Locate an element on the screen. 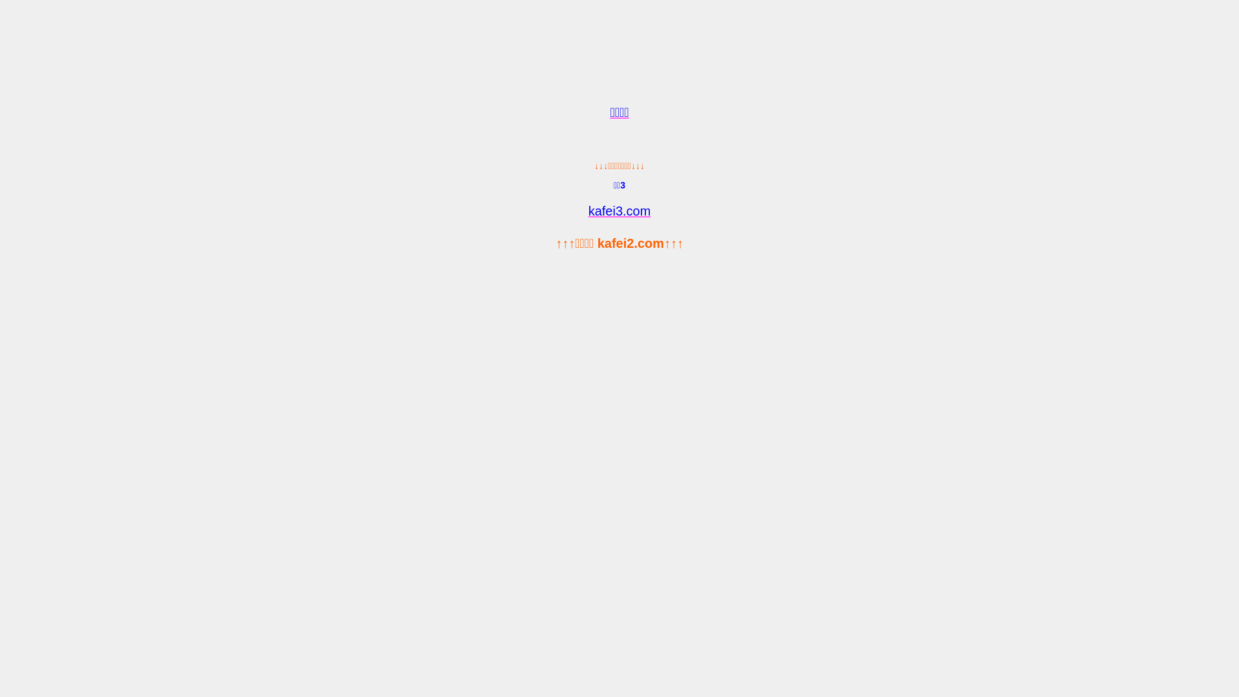 This screenshot has height=697, width=1239. 'kafei3.com' is located at coordinates (619, 210).